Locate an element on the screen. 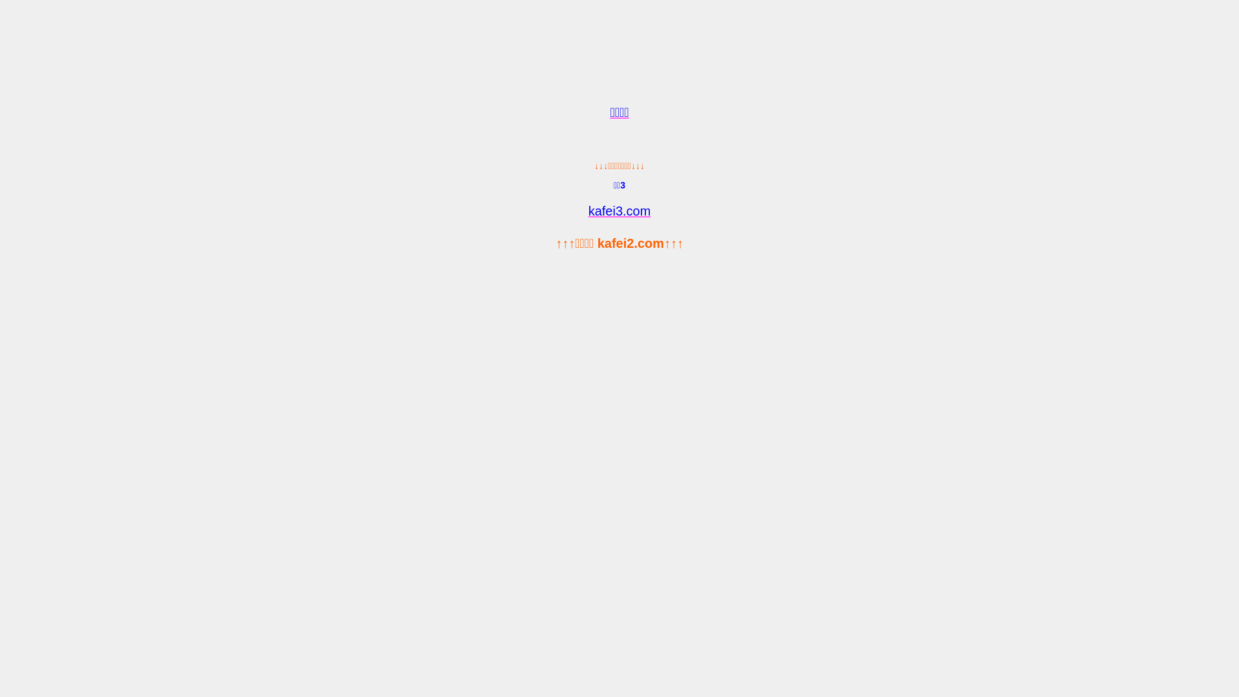 This screenshot has height=697, width=1239. 'kafei3.com' is located at coordinates (619, 210).